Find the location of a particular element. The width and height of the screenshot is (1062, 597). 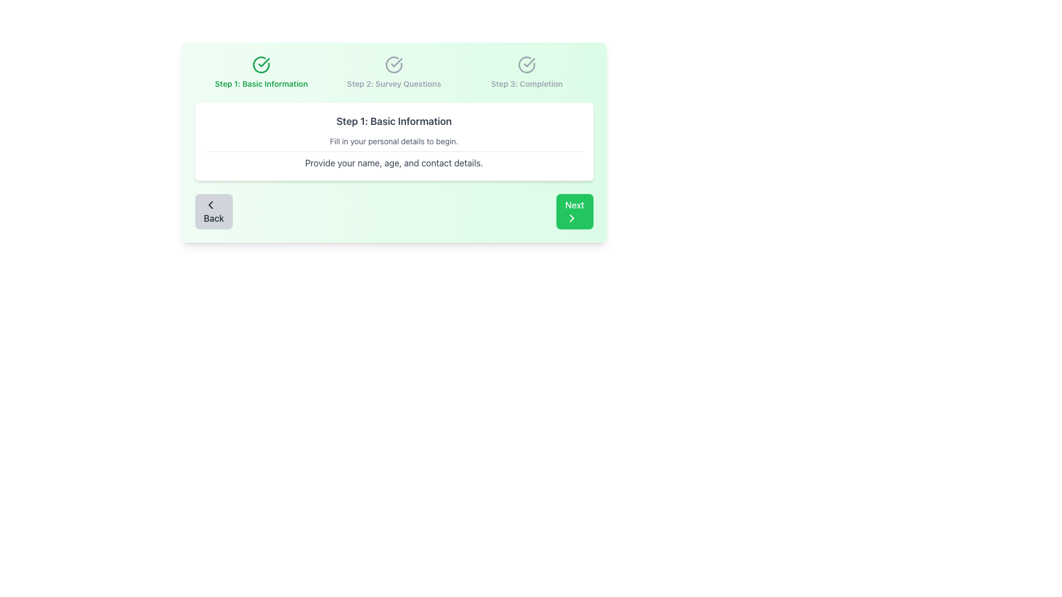

the chevron icon located within the green 'Next' button in the bottom-right corner of the navigation interface is located at coordinates (571, 218).